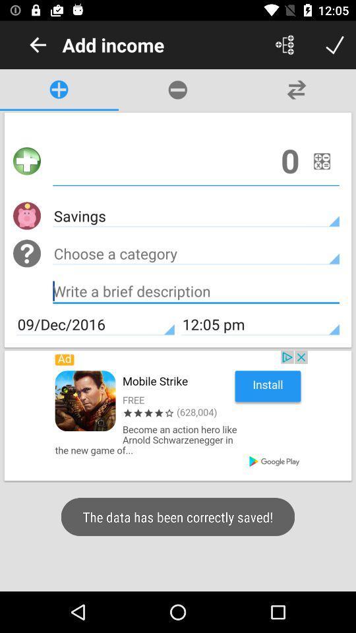 The image size is (356, 633). What do you see at coordinates (195, 160) in the screenshot?
I see `type amount` at bounding box center [195, 160].